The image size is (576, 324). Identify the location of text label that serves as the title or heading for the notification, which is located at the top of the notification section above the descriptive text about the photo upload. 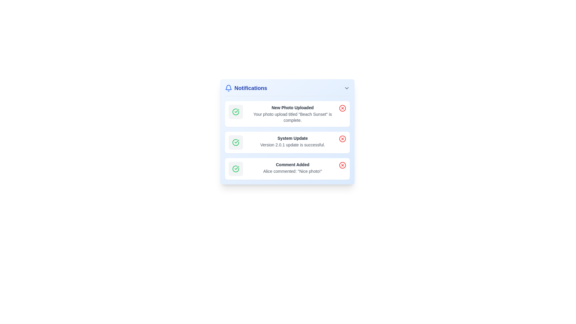
(292, 107).